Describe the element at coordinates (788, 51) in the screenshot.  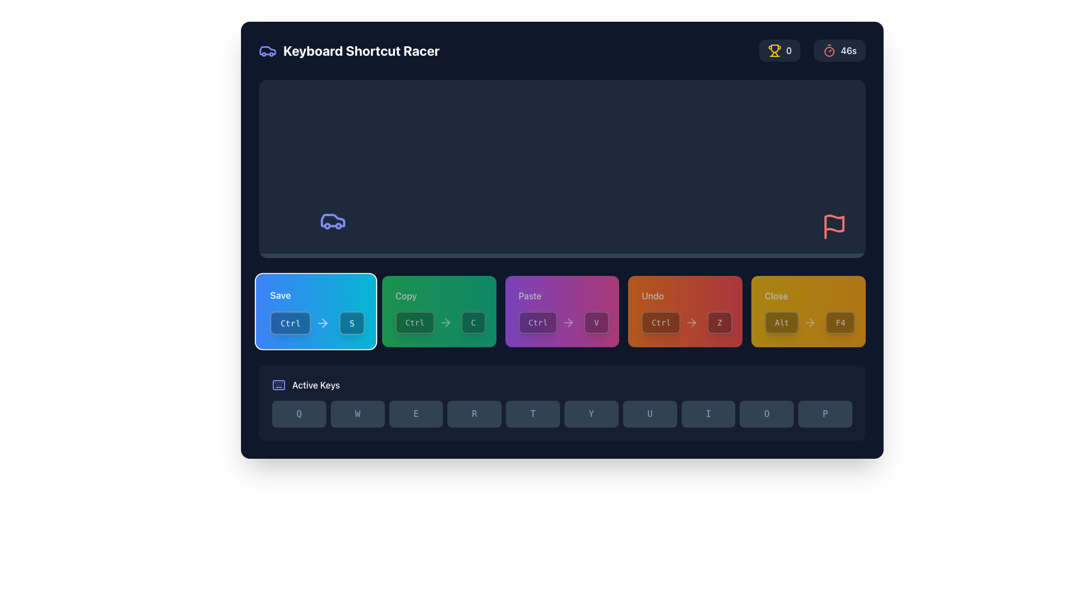
I see `the text label in the top-right corner of the interface that displays a numerical value, likely representing a score or metric` at that location.